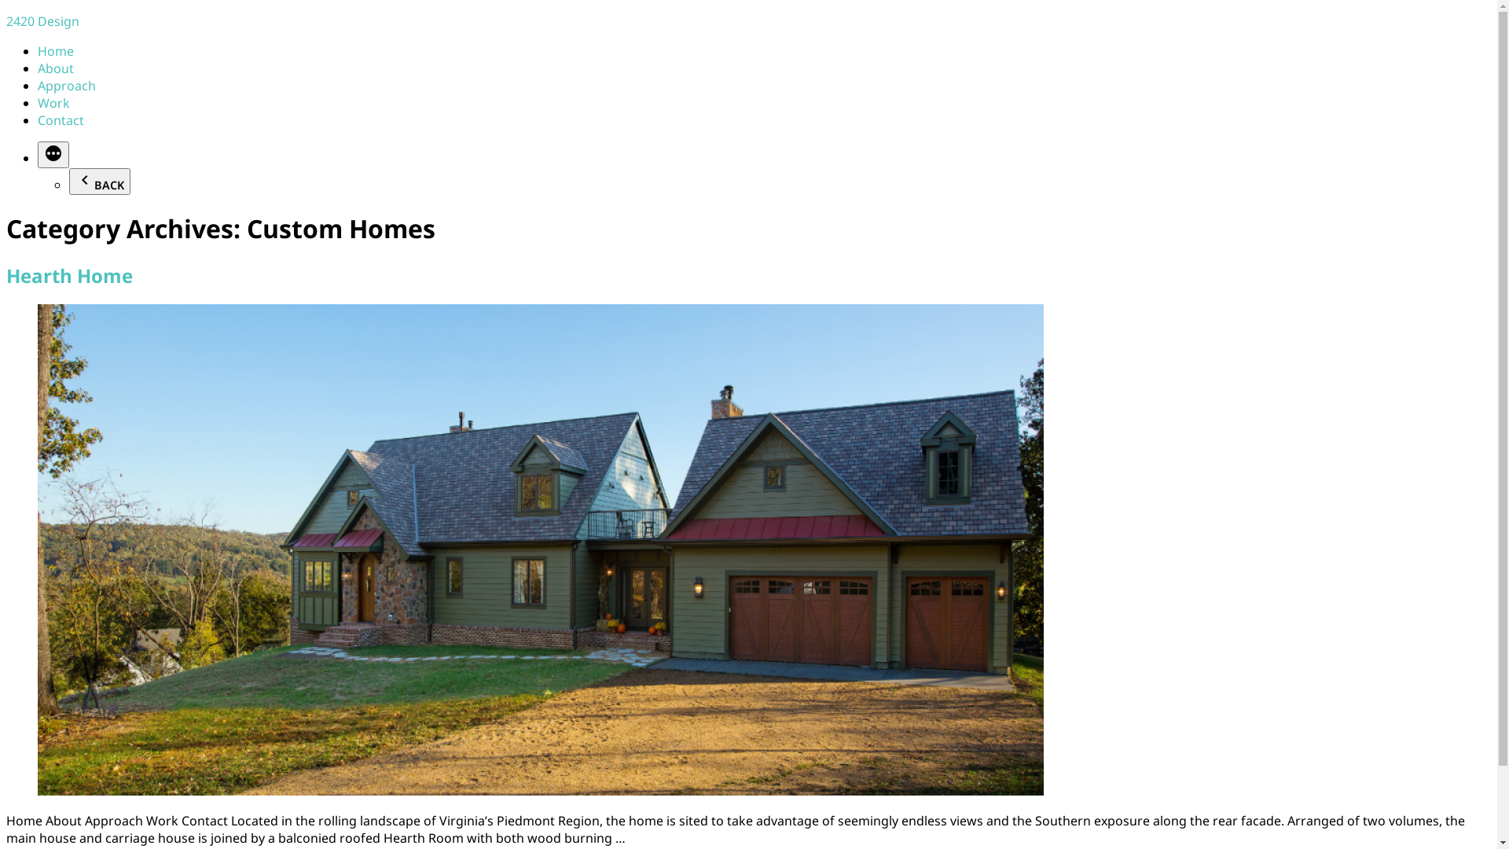 The height and width of the screenshot is (849, 1509). Describe the element at coordinates (68, 274) in the screenshot. I see `'Hearth Home'` at that location.